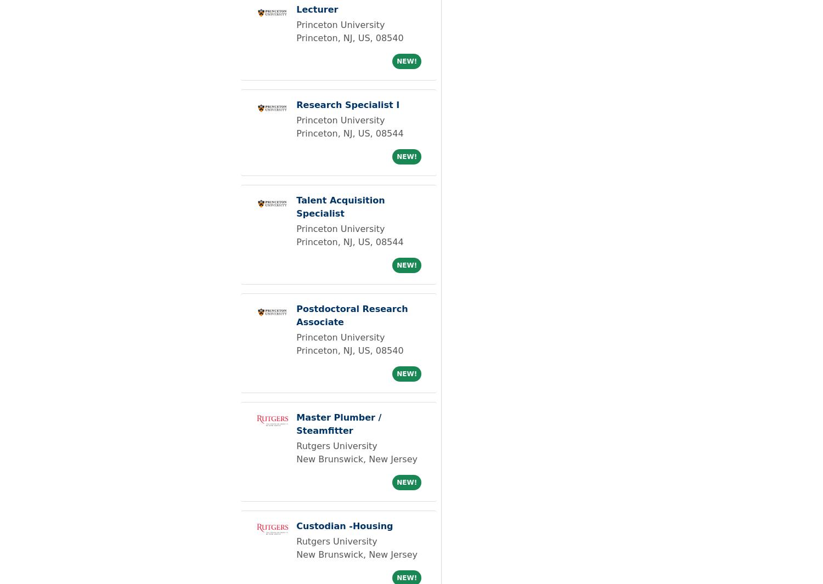  I want to click on 'Talent Acquisition Specialist', so click(340, 206).